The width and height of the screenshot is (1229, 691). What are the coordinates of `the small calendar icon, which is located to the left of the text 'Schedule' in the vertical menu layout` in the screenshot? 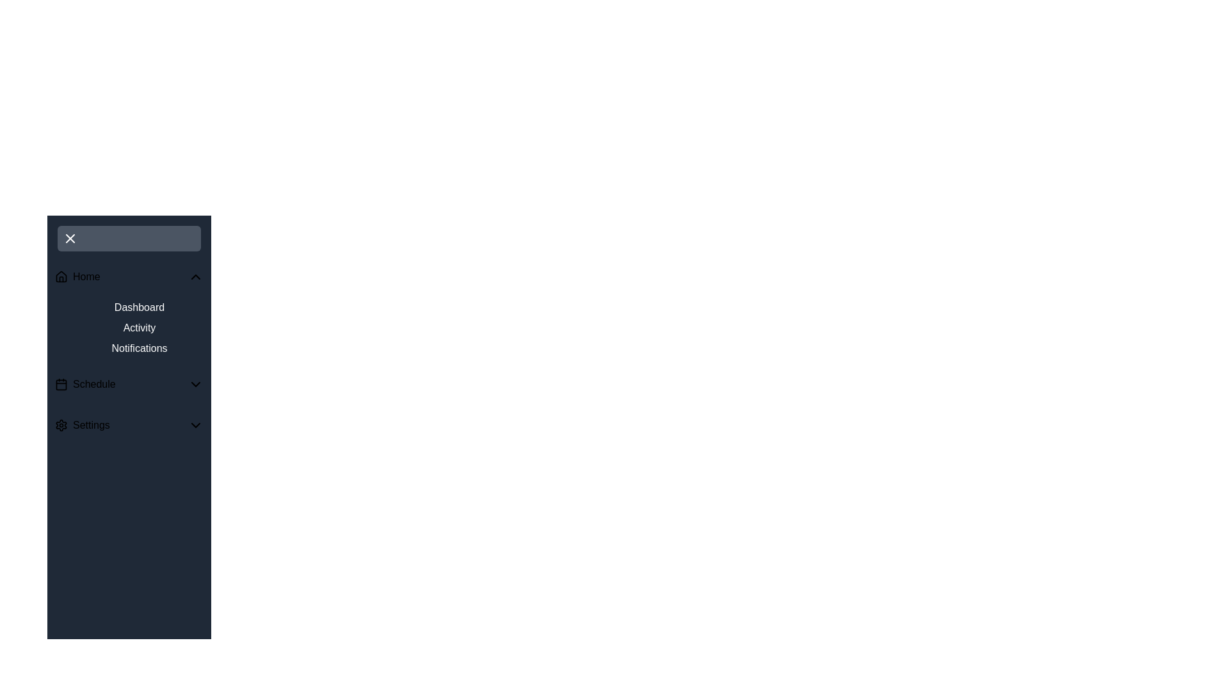 It's located at (61, 384).